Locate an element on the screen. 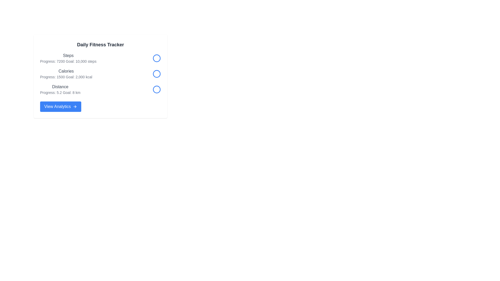 The height and width of the screenshot is (281, 500). the button located at the bottom of the 'Daily Fitness Tracker' card is located at coordinates (60, 106).